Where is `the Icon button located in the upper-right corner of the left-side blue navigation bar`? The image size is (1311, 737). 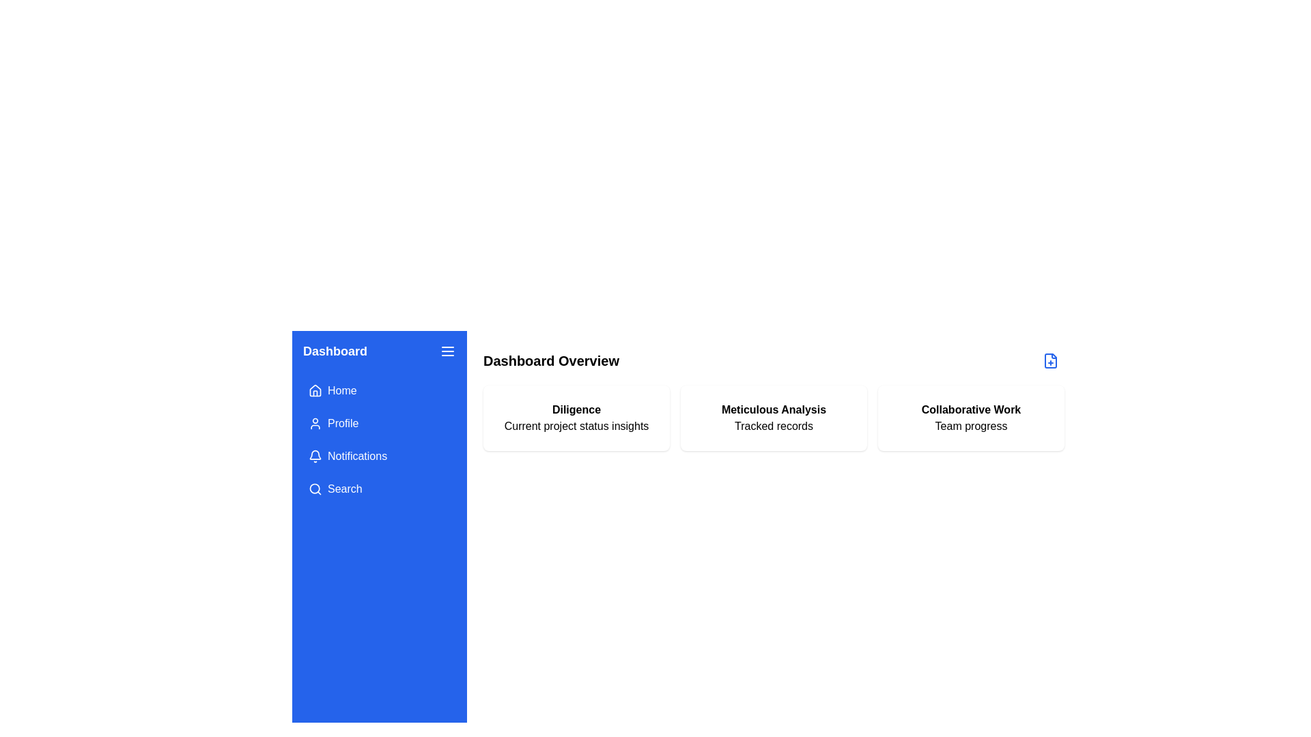
the Icon button located in the upper-right corner of the left-side blue navigation bar is located at coordinates (448, 351).